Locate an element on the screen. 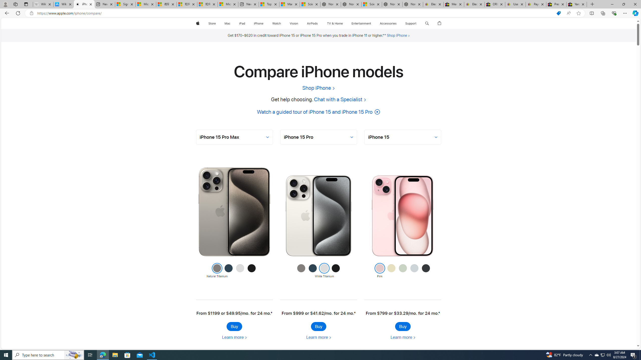  'iPhone menu' is located at coordinates (264, 23).